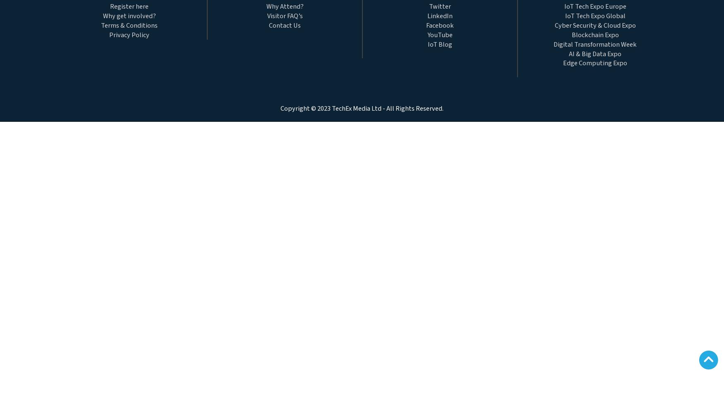 This screenshot has width=724, height=413. I want to click on 'Register here', so click(129, 7).